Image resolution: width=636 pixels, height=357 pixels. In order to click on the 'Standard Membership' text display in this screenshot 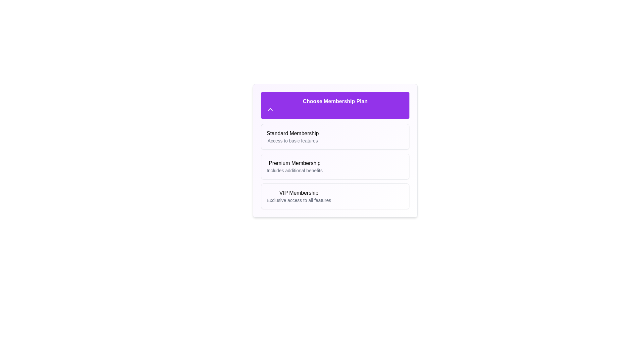, I will do `click(292, 136)`.